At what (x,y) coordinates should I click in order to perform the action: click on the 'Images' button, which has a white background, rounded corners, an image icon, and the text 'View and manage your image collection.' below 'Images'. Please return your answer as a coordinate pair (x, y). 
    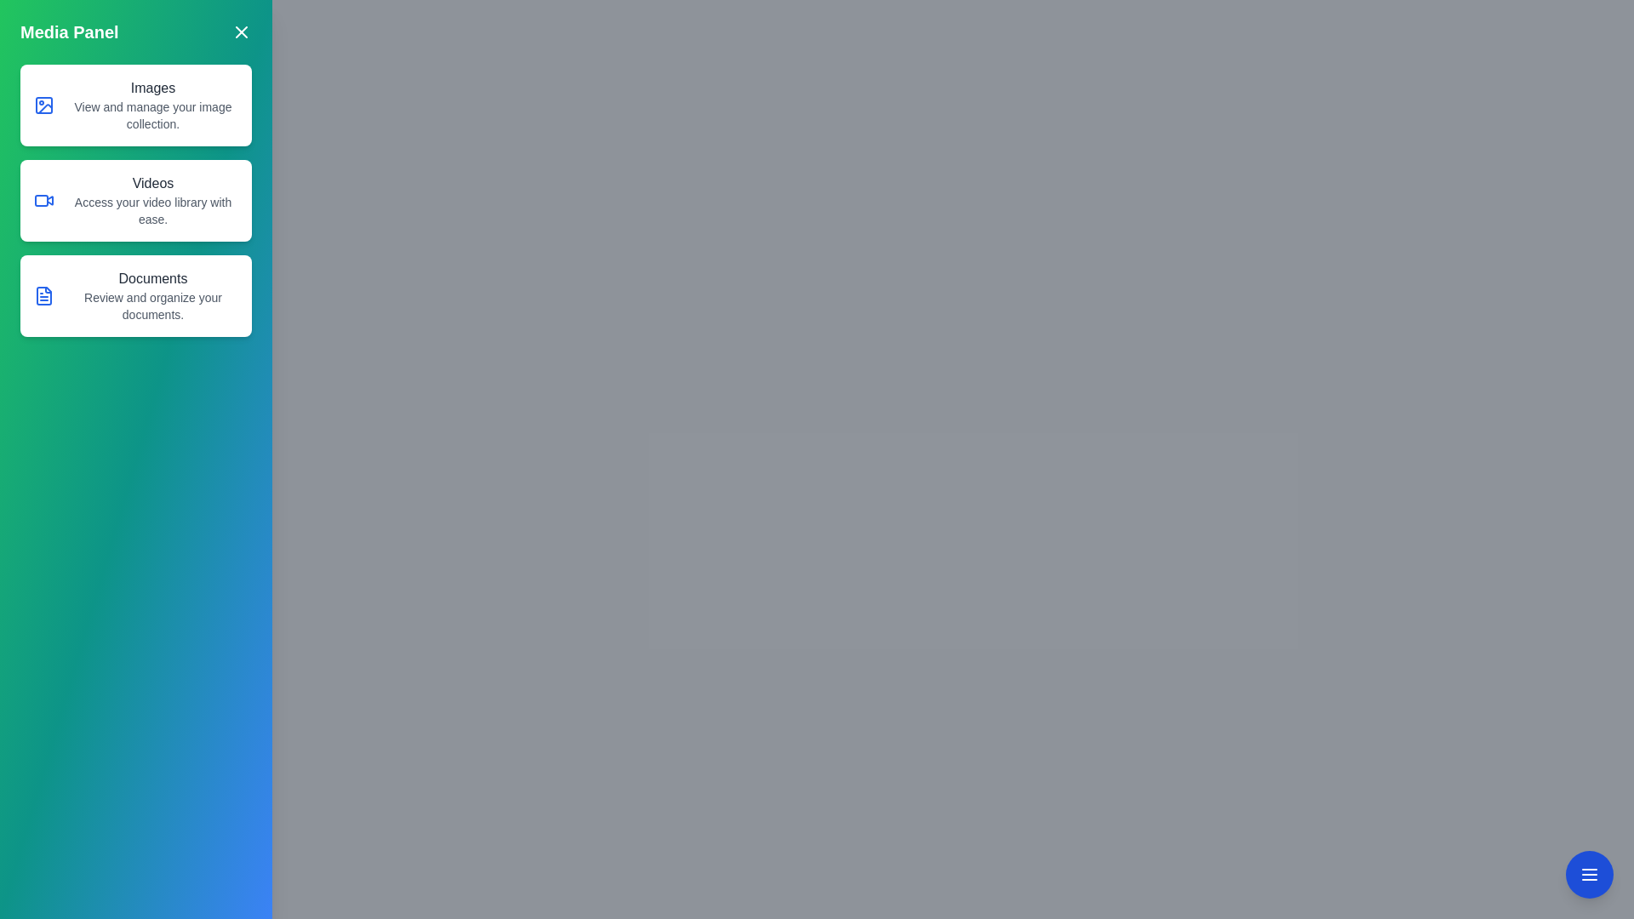
    Looking at the image, I should click on (134, 105).